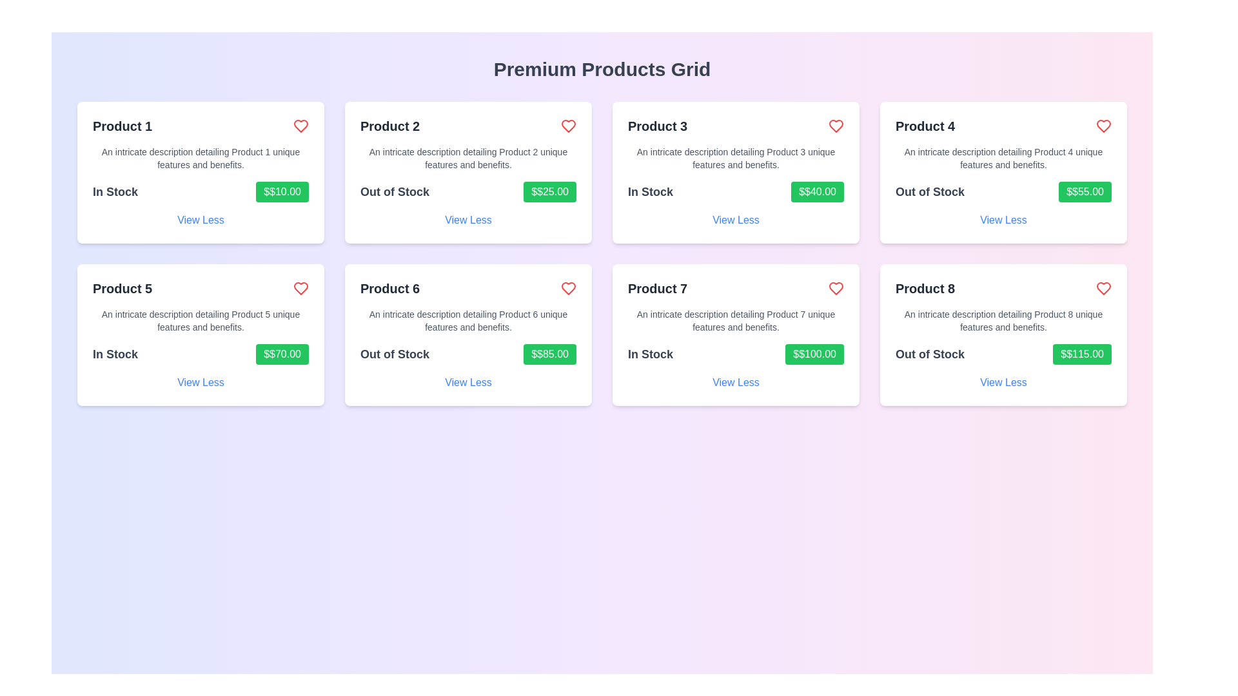 This screenshot has width=1238, height=696. Describe the element at coordinates (282, 191) in the screenshot. I see `the button displaying the text '$$10.00' in bold white on a vivid green background, positioned near the bottom-right corner of the 'Product 1' card` at that location.